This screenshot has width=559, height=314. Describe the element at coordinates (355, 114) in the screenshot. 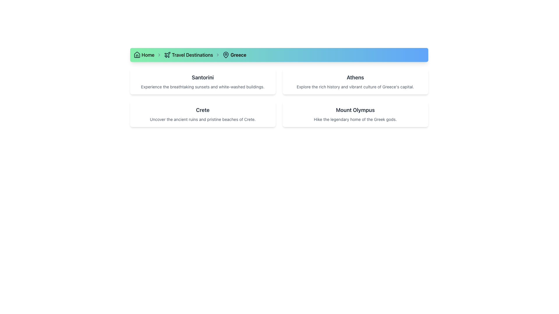

I see `the informational card about Mount Olympus, which is the fourth card in a two-by-two grid layout, located at the bottom-right position` at that location.